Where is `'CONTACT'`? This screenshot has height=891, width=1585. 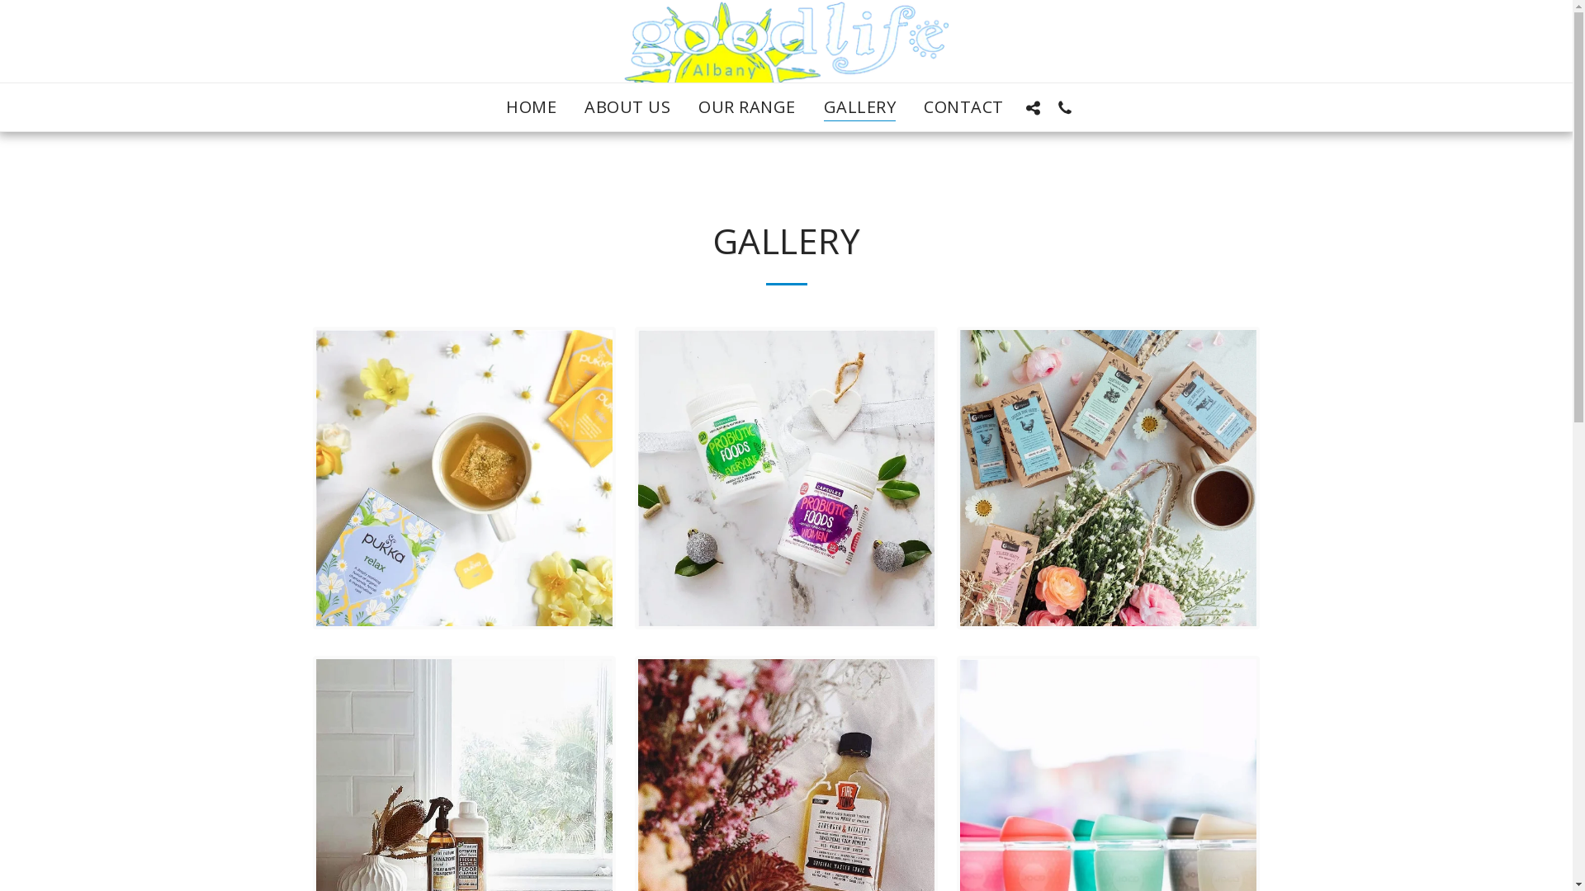 'CONTACT' is located at coordinates (910, 107).